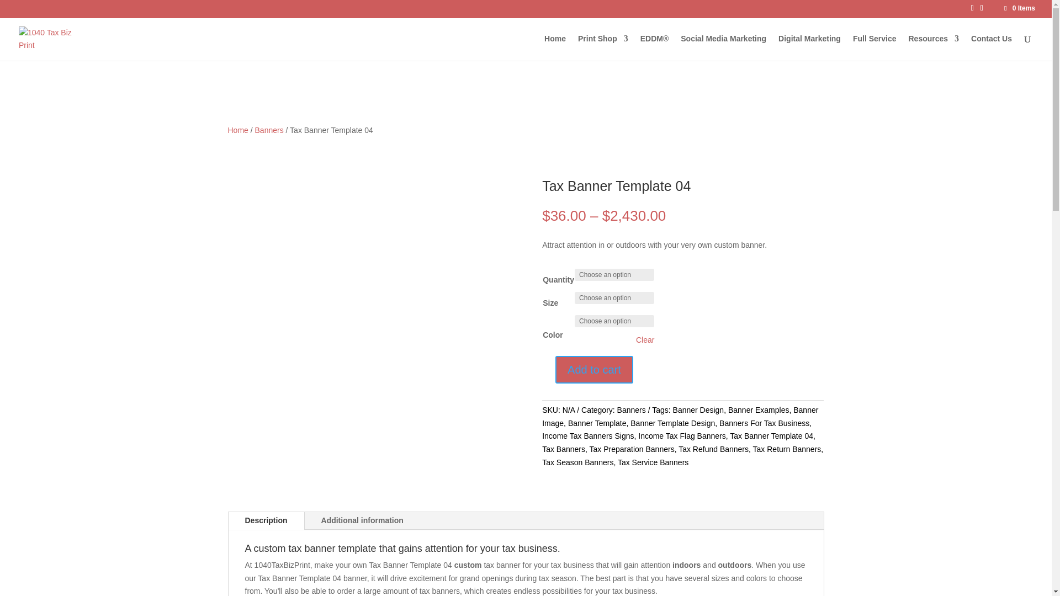 The height and width of the screenshot is (596, 1060). I want to click on 'Tax Banners', so click(564, 449).